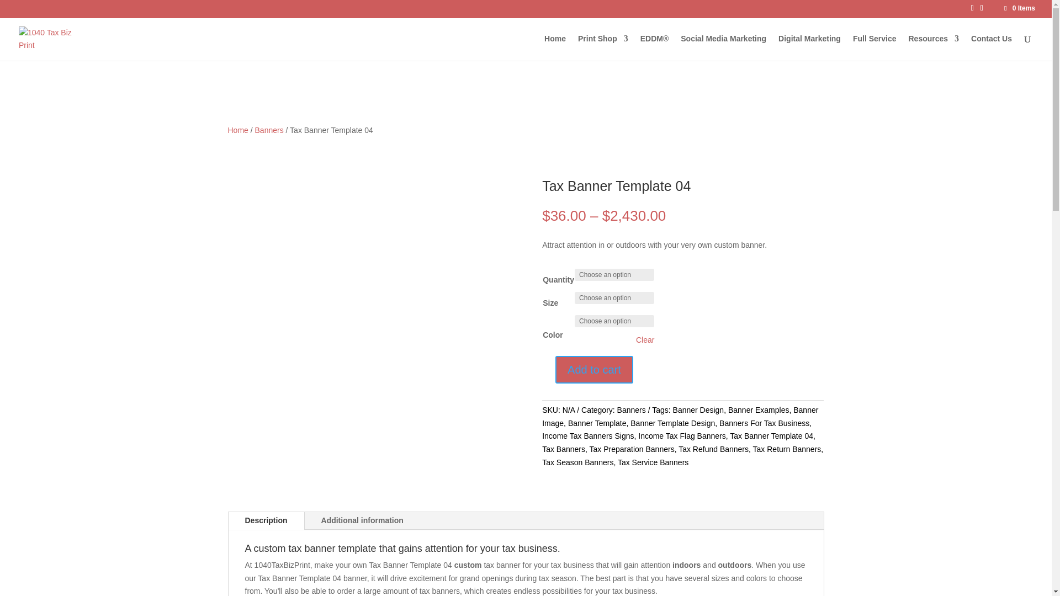 The height and width of the screenshot is (596, 1060). I want to click on 'Tax Banners', so click(564, 449).